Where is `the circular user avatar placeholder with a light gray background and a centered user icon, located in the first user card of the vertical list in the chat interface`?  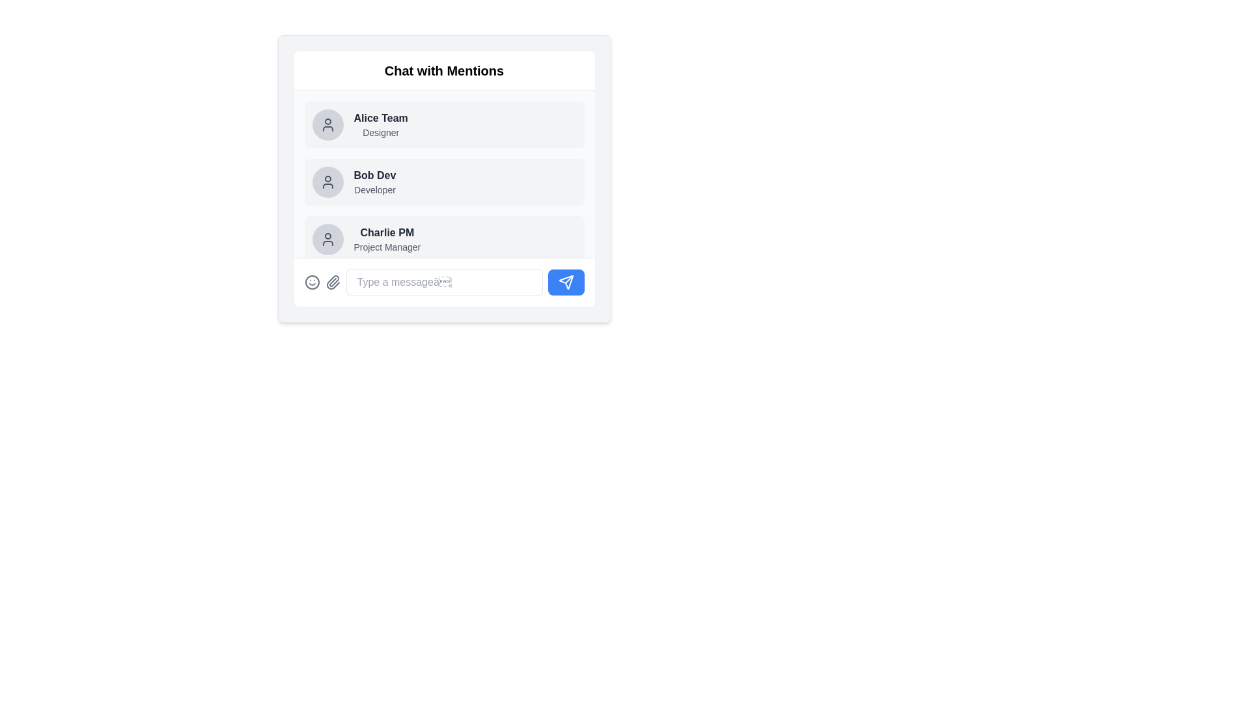
the circular user avatar placeholder with a light gray background and a centered user icon, located in the first user card of the vertical list in the chat interface is located at coordinates (327, 125).